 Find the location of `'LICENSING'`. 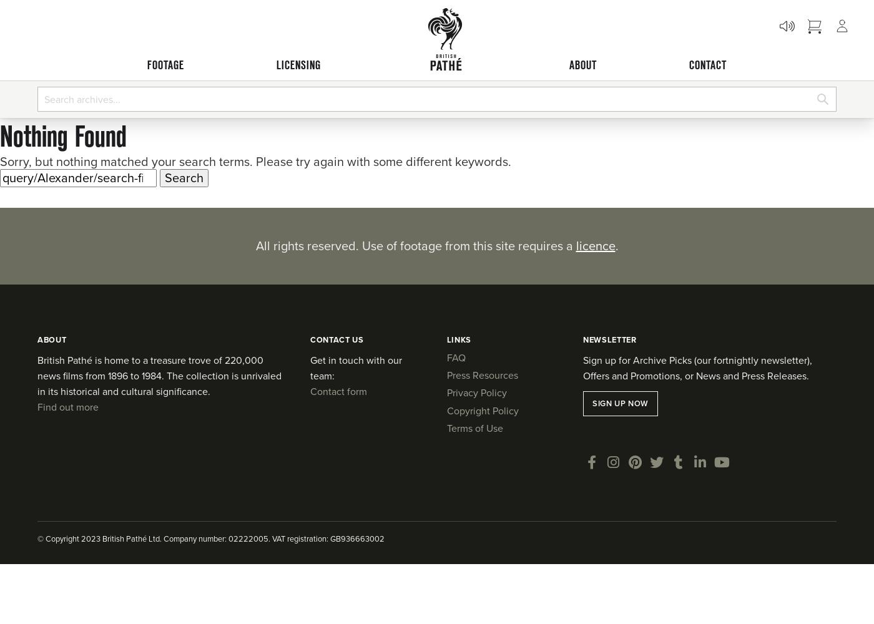

'LICENSING' is located at coordinates (275, 64).